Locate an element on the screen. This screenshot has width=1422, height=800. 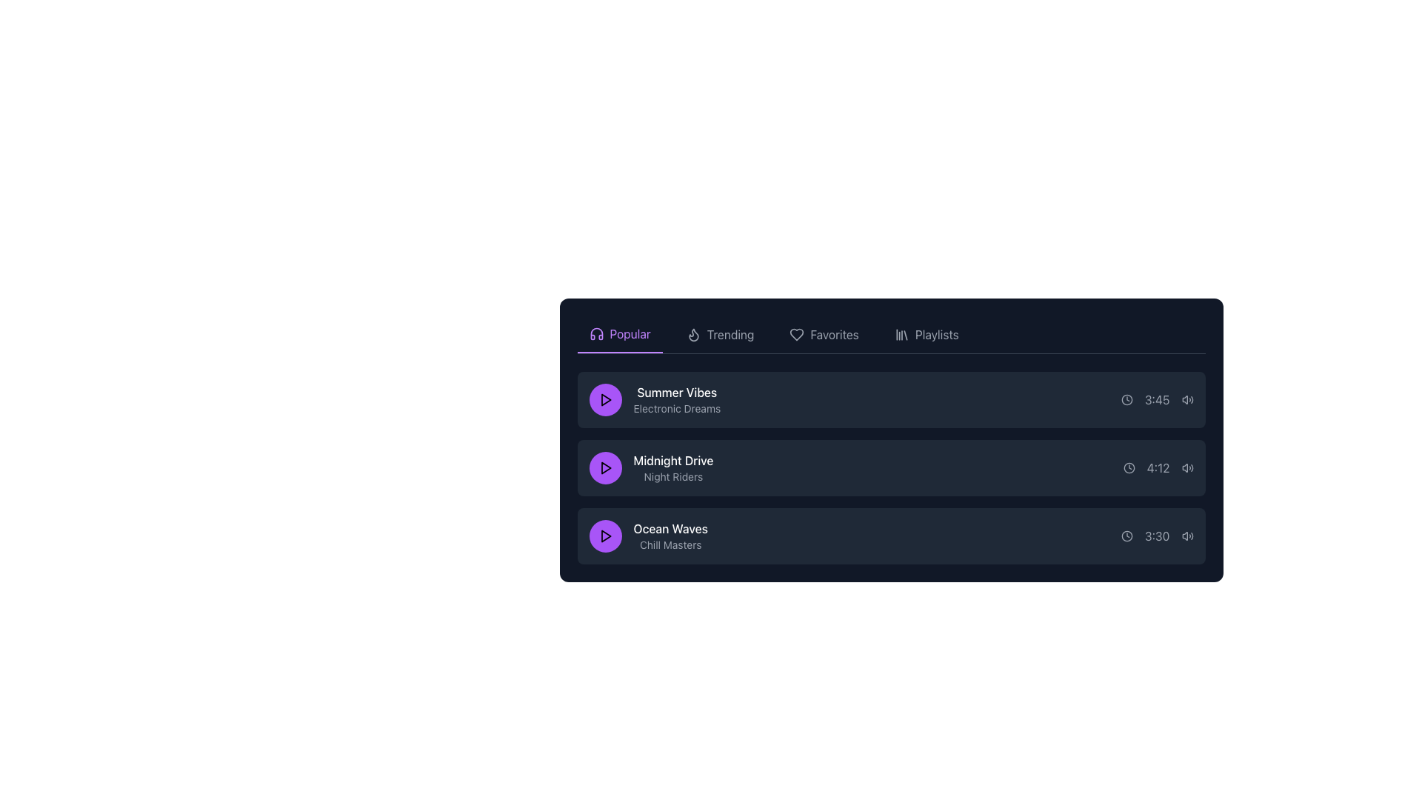
the media item label displaying 'Summer Vibes' and 'Electronic Dreams' is located at coordinates (654, 400).